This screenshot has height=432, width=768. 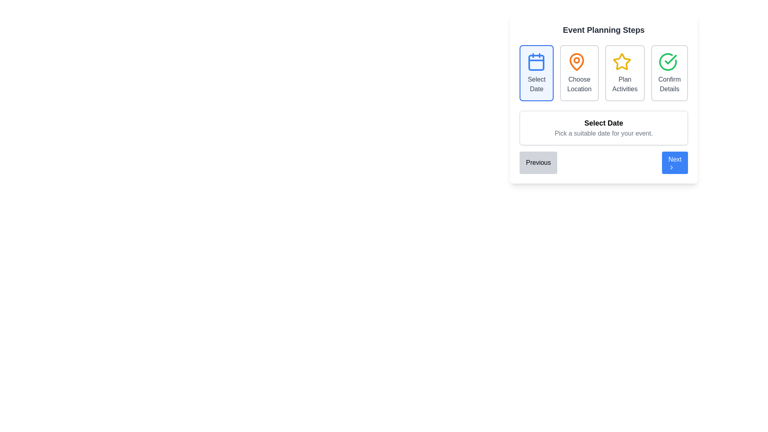 I want to click on the blue-outlined calendar icon located in the top-left of the modal box, representing the first step in the event planning process, so click(x=536, y=61).